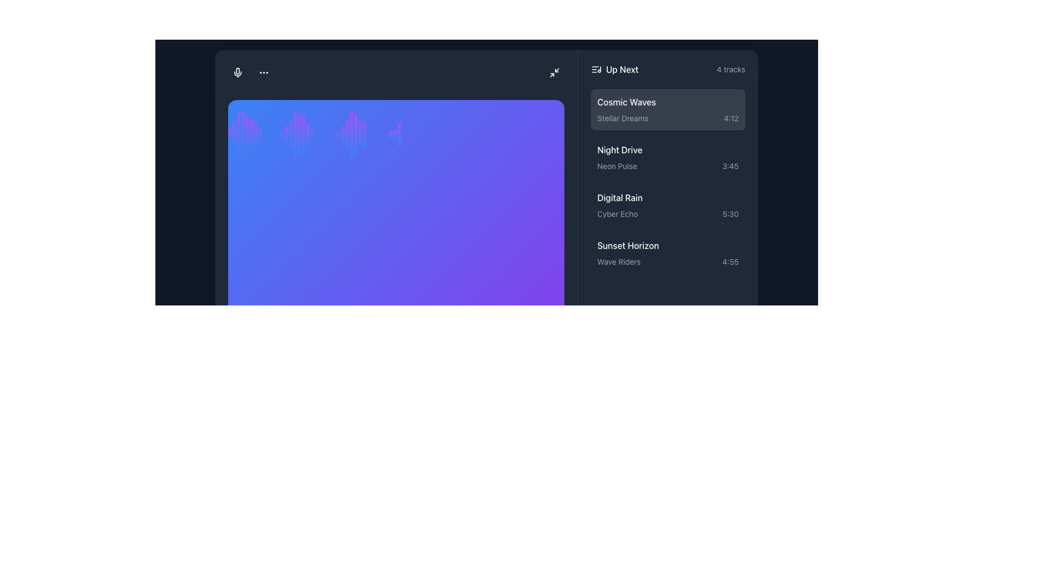 The height and width of the screenshot is (587, 1043). What do you see at coordinates (351, 133) in the screenshot?
I see `the thin vertical bar with a gradient effect transitioning from blue to purple, which is centrally located among similar elements in a graph-like layout` at bounding box center [351, 133].